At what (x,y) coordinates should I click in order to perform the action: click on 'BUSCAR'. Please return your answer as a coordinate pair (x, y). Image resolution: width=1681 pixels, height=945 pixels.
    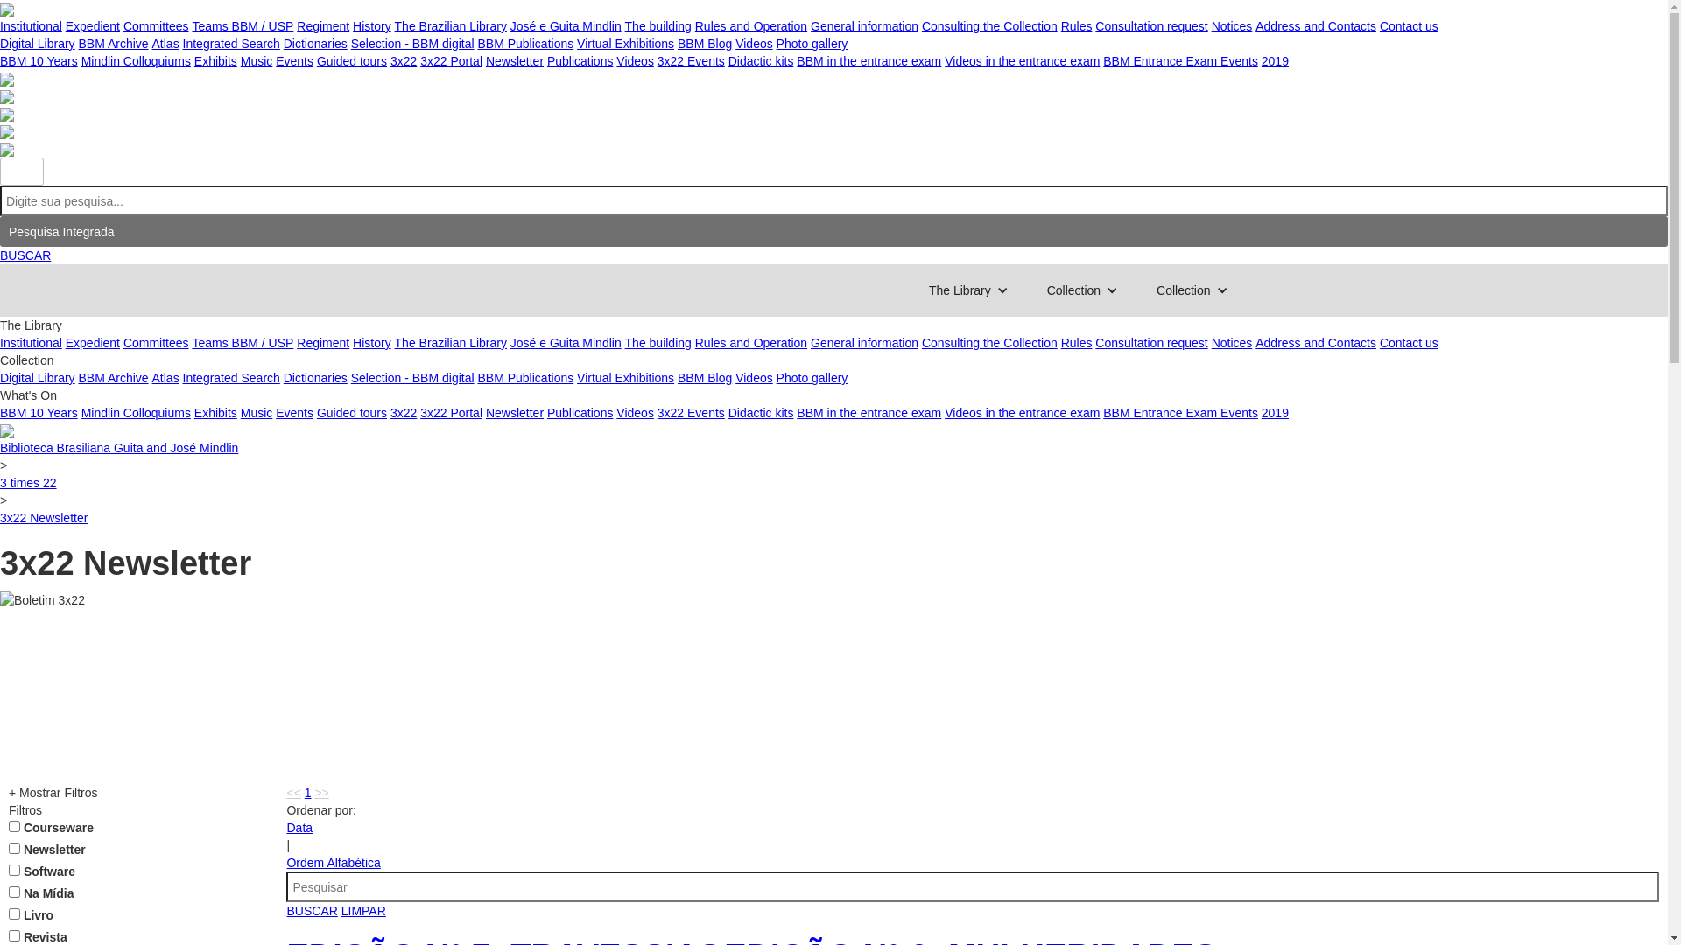
    Looking at the image, I should click on (311, 910).